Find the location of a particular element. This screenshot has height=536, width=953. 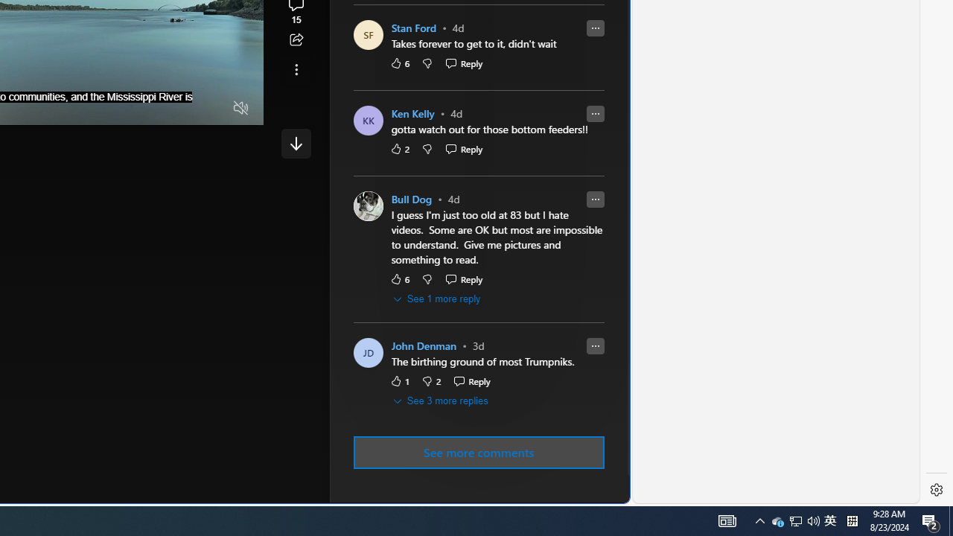

'2 Like' is located at coordinates (399, 149).